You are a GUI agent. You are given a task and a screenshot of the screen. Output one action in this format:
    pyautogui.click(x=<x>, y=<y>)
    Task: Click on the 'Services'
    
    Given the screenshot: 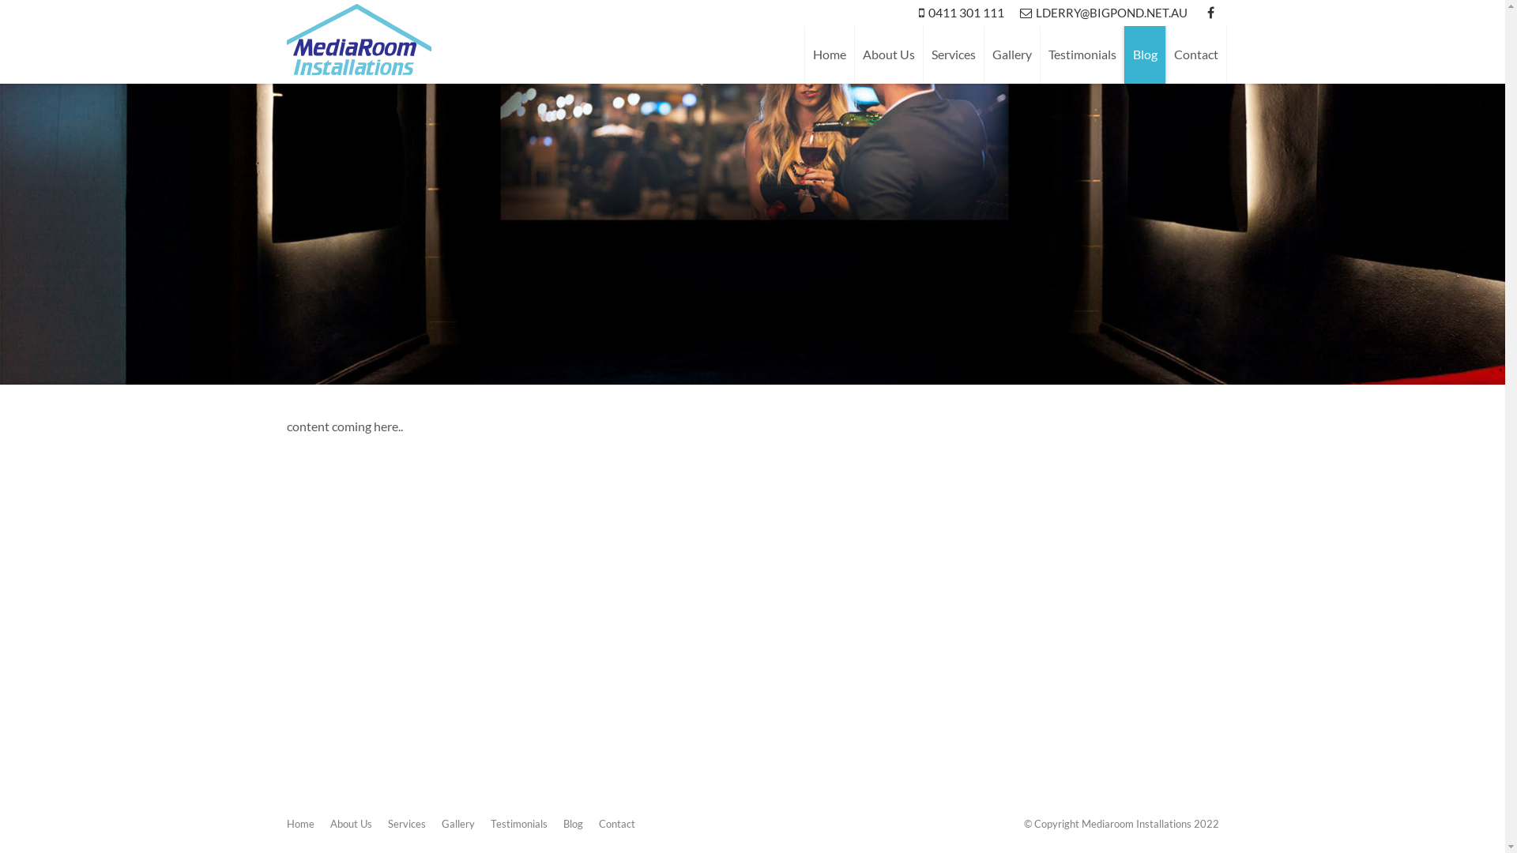 What is the action you would take?
    pyautogui.click(x=405, y=822)
    